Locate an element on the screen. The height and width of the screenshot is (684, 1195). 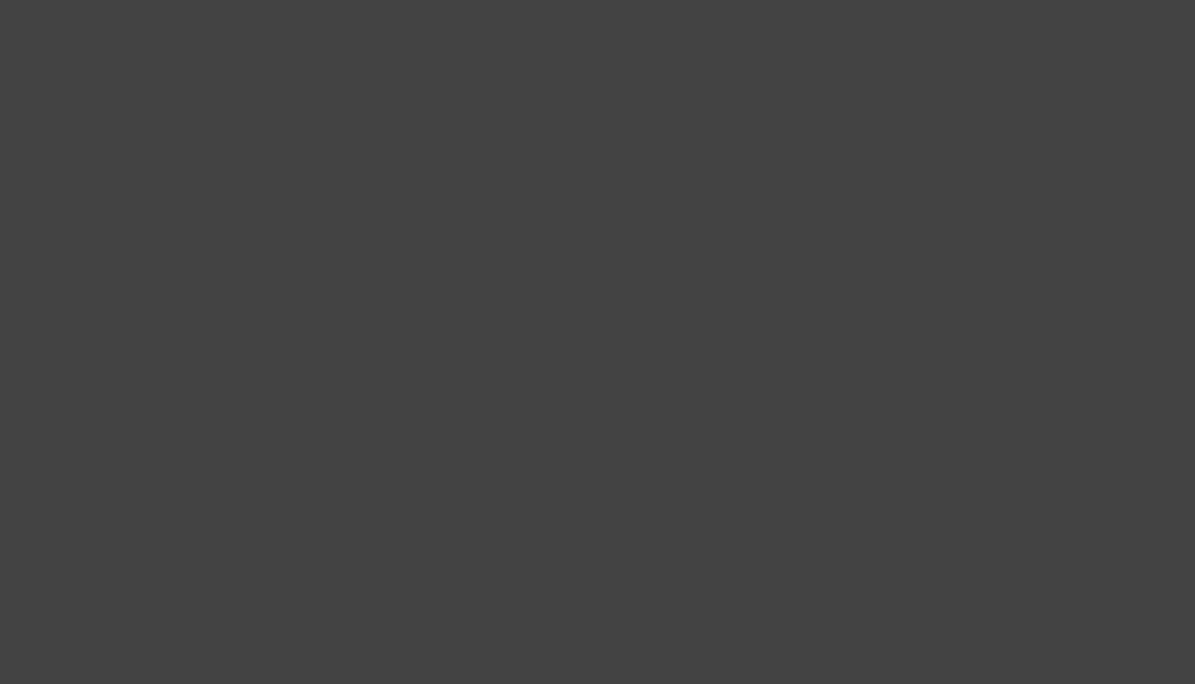
'Crystal Clear Oxygen Therapy' is located at coordinates (313, 577).